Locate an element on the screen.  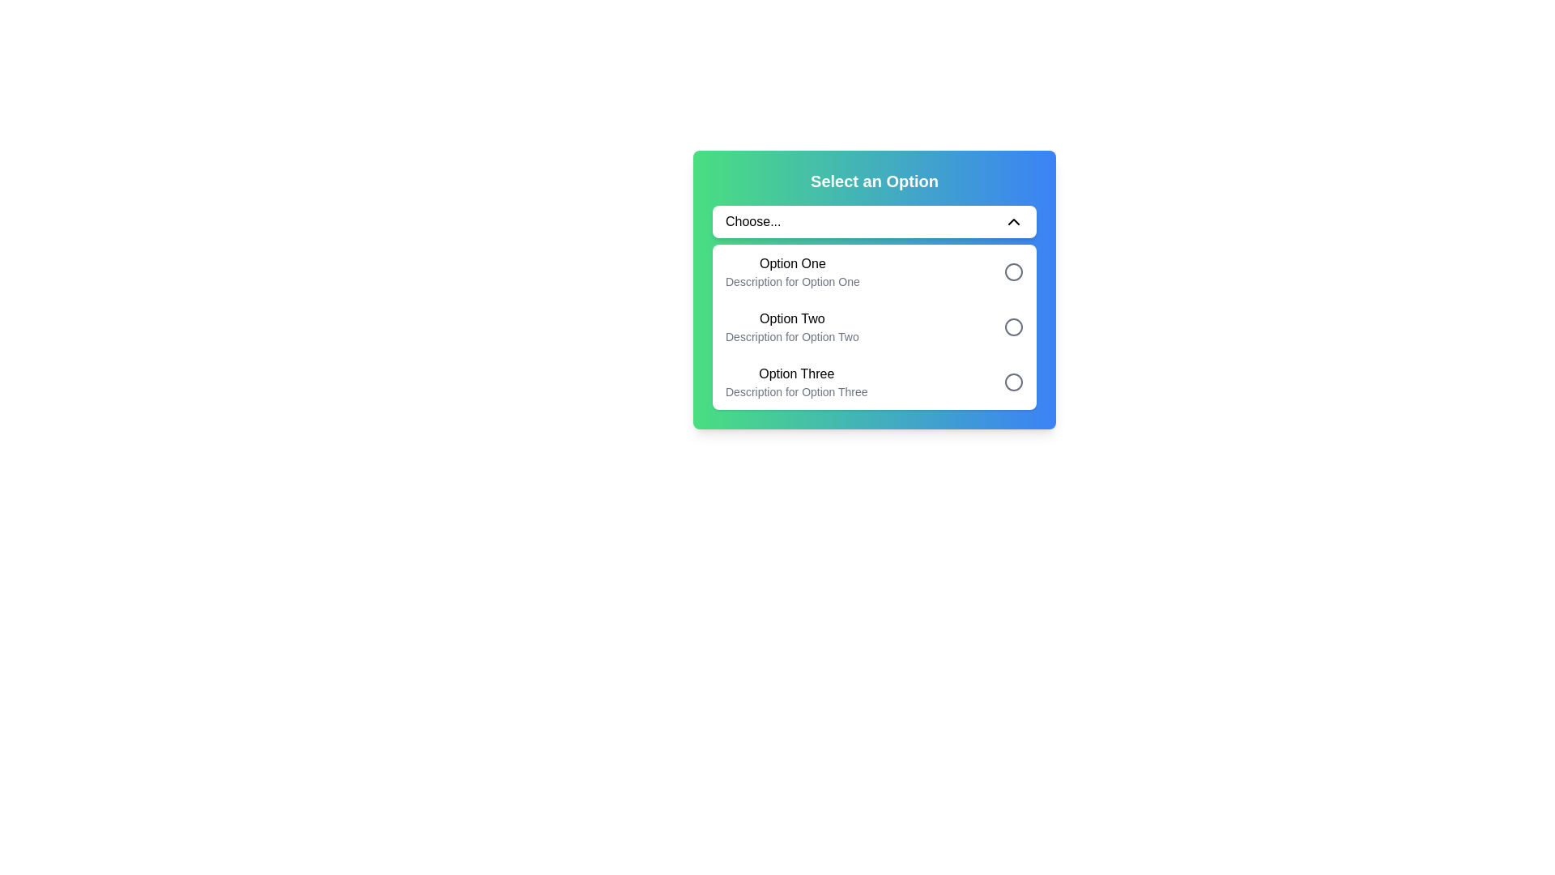
the first option item of the dropdown menu titled 'Select an Option' is located at coordinates (874, 271).